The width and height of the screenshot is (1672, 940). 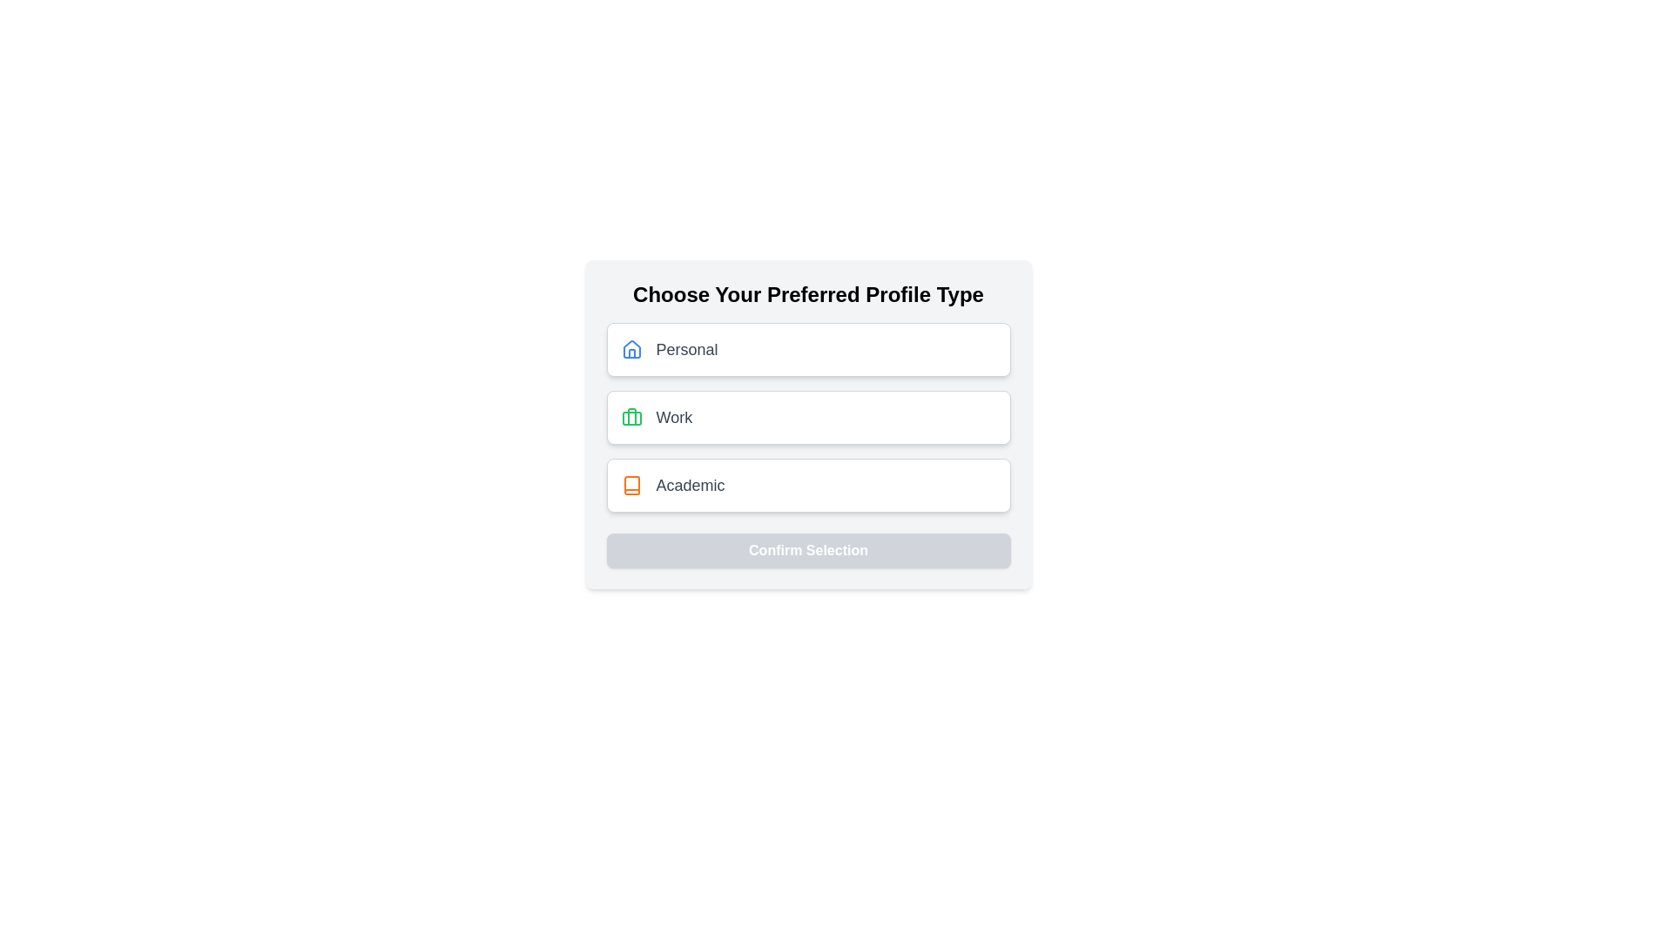 What do you see at coordinates (807, 486) in the screenshot?
I see `the 'Academic' profile type selectable option using keyboard navigation` at bounding box center [807, 486].